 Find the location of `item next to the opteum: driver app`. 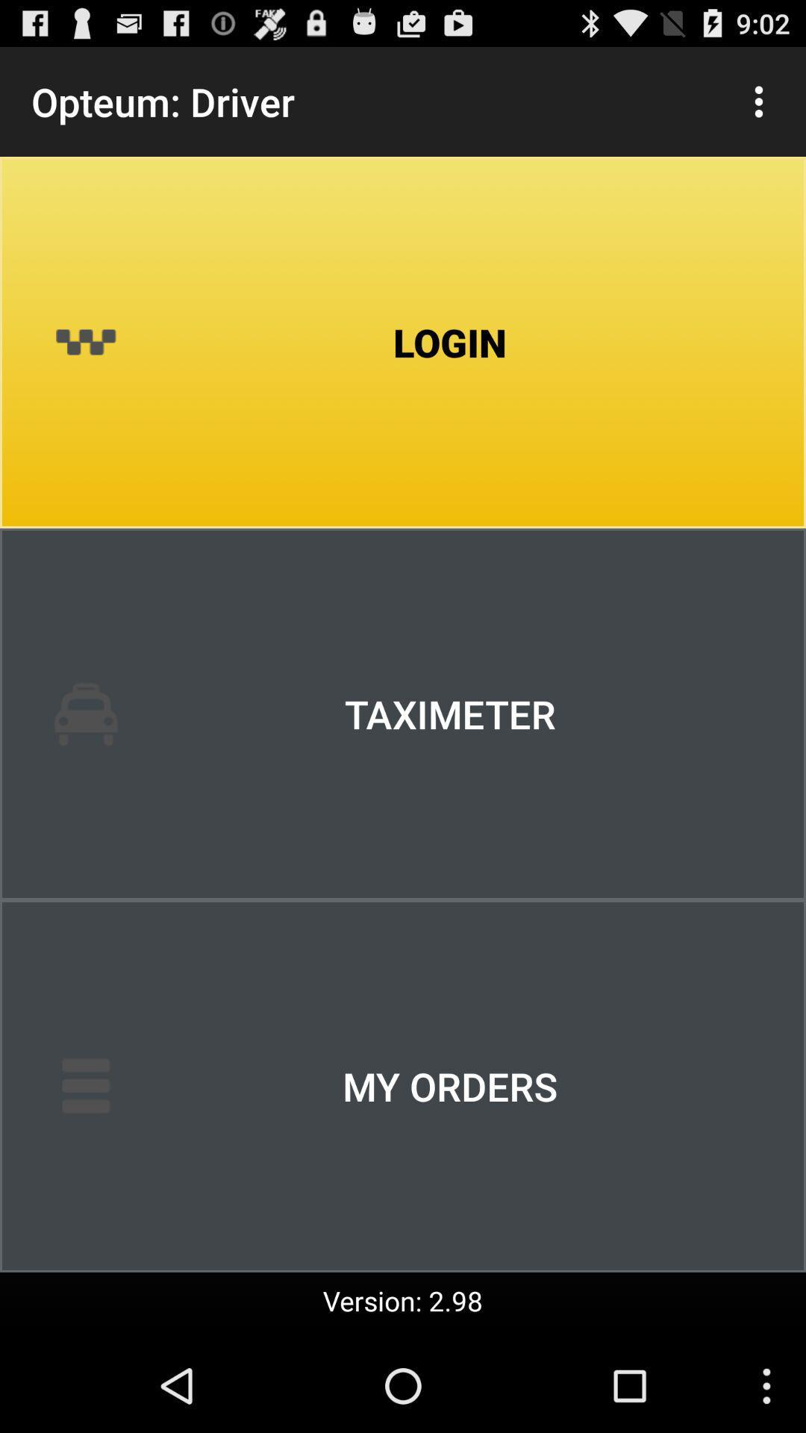

item next to the opteum: driver app is located at coordinates (759, 101).